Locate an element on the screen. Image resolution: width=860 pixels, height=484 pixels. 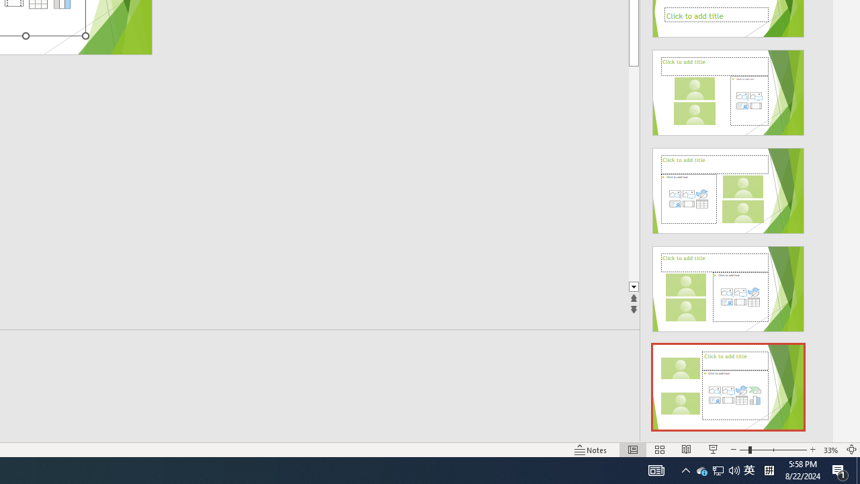
'Design Idea' is located at coordinates (728, 382).